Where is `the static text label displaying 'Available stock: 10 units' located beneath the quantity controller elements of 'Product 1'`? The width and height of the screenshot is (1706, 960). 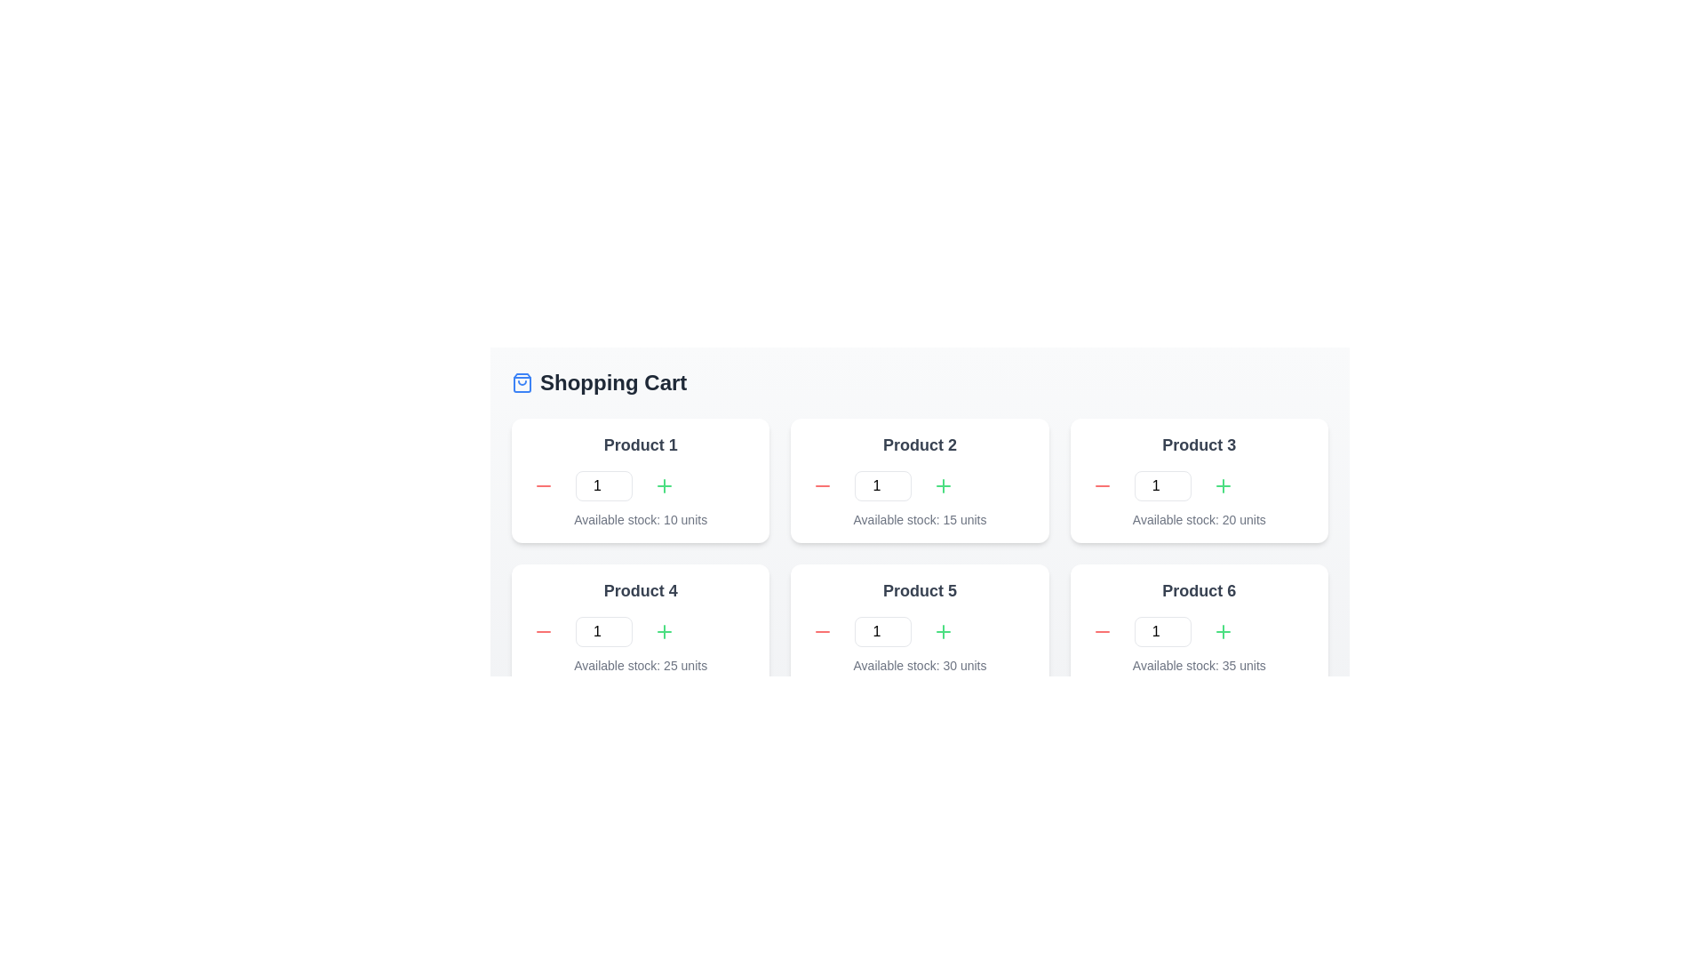 the static text label displaying 'Available stock: 10 units' located beneath the quantity controller elements of 'Product 1' is located at coordinates (640, 520).